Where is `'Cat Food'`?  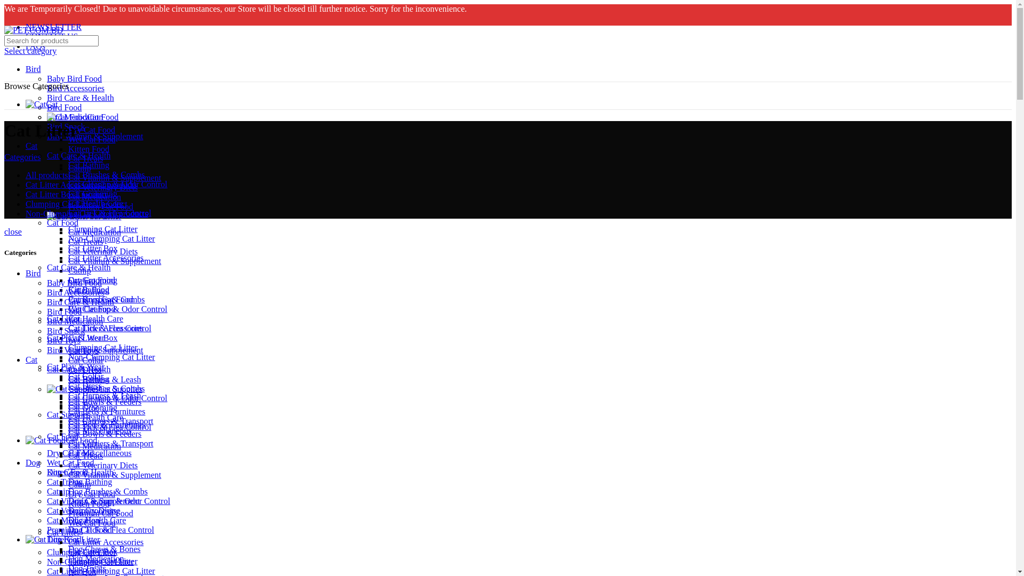 'Cat Food' is located at coordinates (46, 117).